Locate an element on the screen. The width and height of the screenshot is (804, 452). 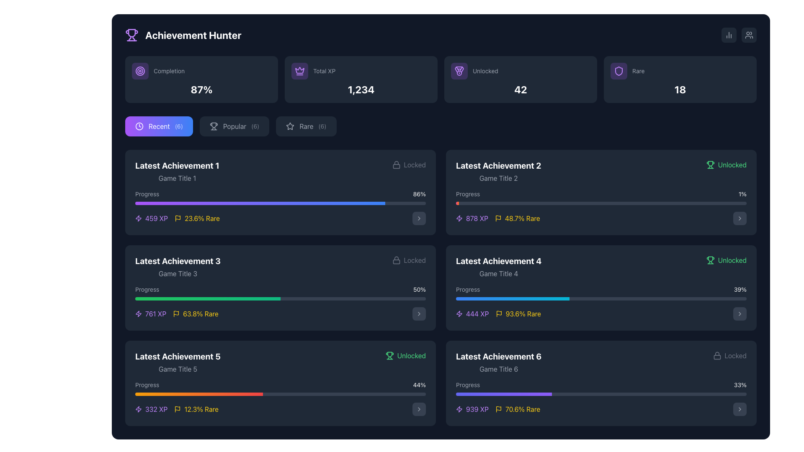
the progress bar of the 'Latest Achievement 5' section is located at coordinates (281, 398).